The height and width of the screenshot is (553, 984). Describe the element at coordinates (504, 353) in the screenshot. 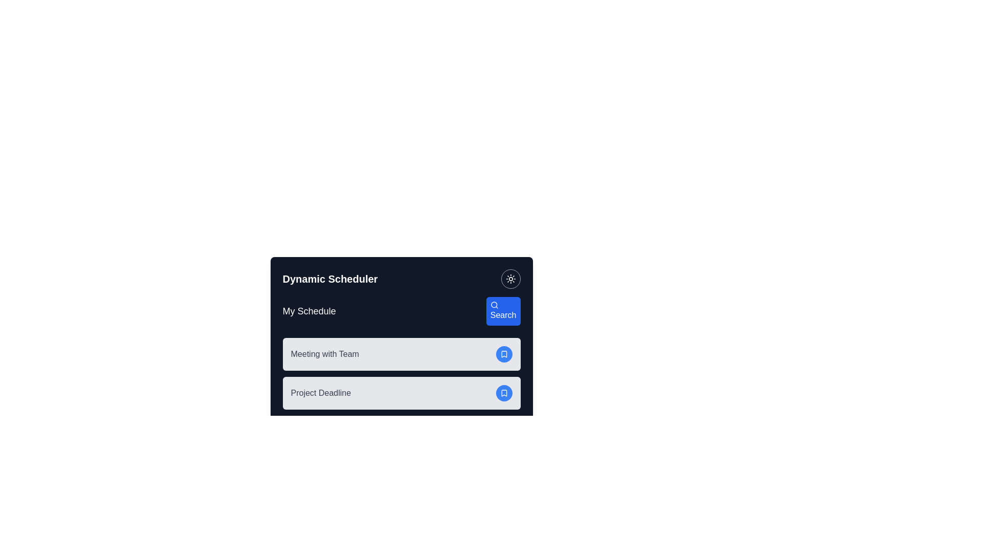

I see `the button located to the right of the text 'Meeting with Team' in the first entry of the list of schedule items under the 'My Schedule' section to trigger visual changes` at that location.